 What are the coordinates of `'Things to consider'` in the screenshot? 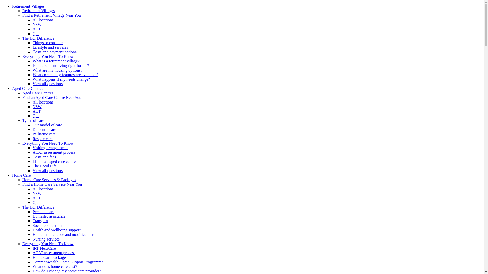 It's located at (48, 42).